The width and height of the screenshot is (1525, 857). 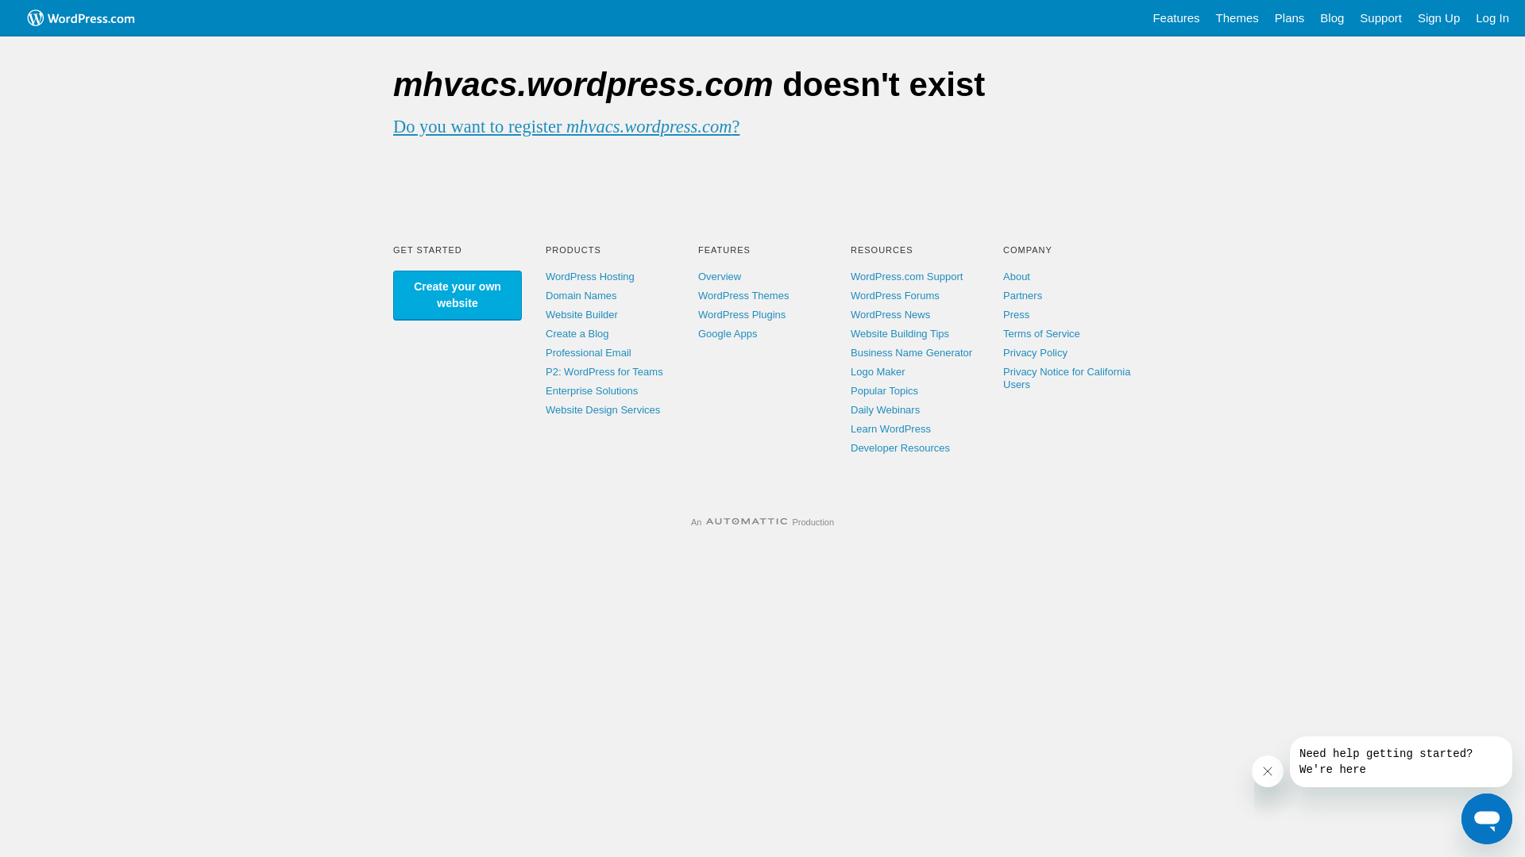 What do you see at coordinates (883, 390) in the screenshot?
I see `'Popular Topics'` at bounding box center [883, 390].